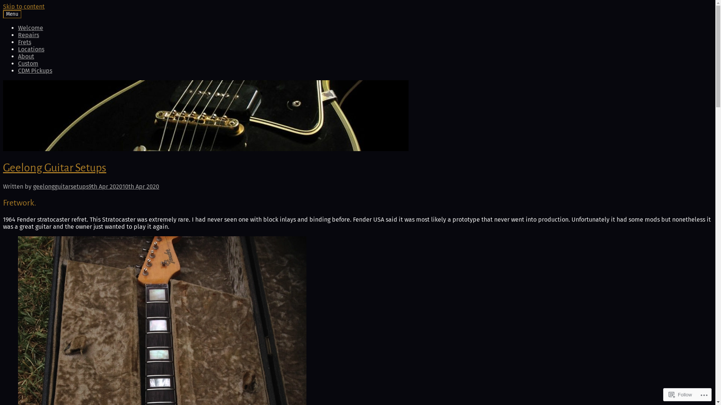  Describe the element at coordinates (30, 27) in the screenshot. I see `'Welcome'` at that location.